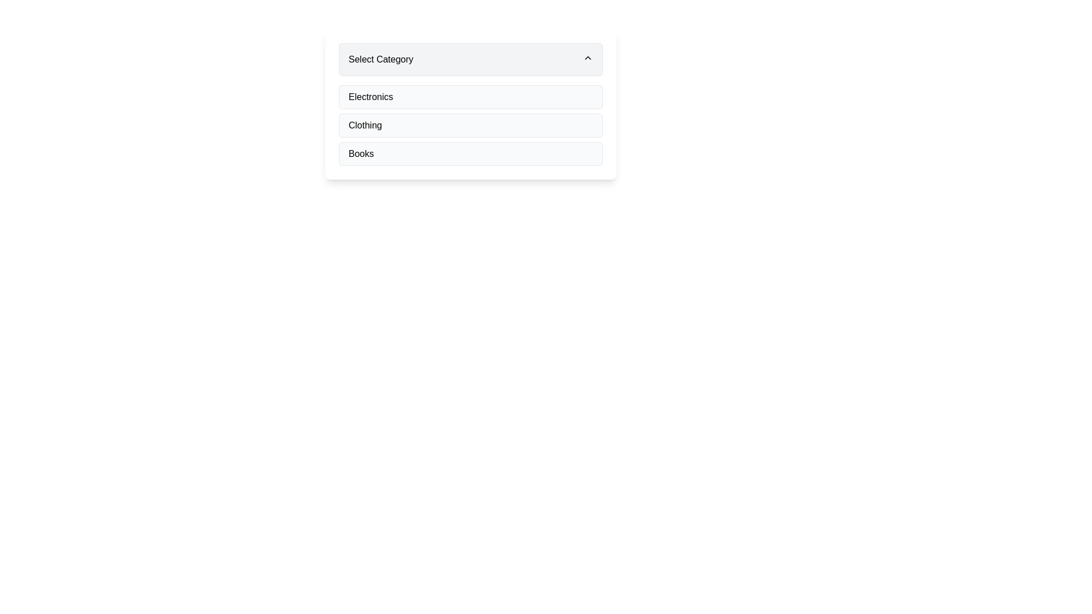 This screenshot has height=614, width=1092. What do you see at coordinates (471, 125) in the screenshot?
I see `the 'Clothing' button in the dropdown list` at bounding box center [471, 125].